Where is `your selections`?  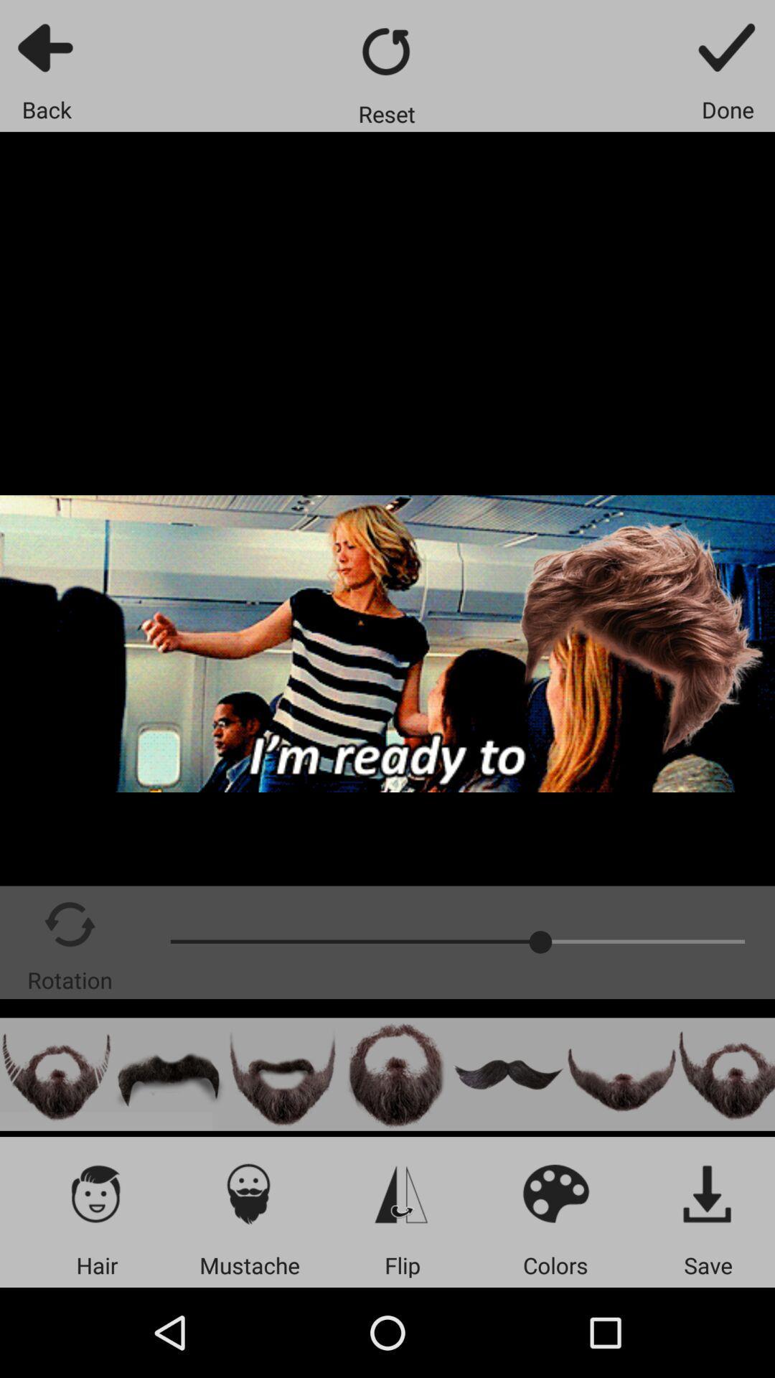
your selections is located at coordinates (708, 1193).